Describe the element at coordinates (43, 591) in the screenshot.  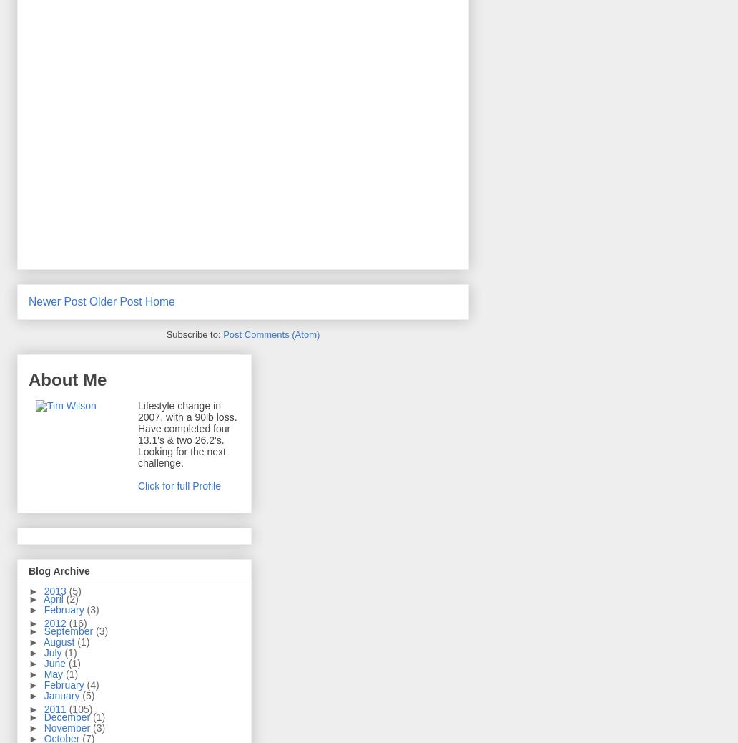
I see `'2013'` at that location.